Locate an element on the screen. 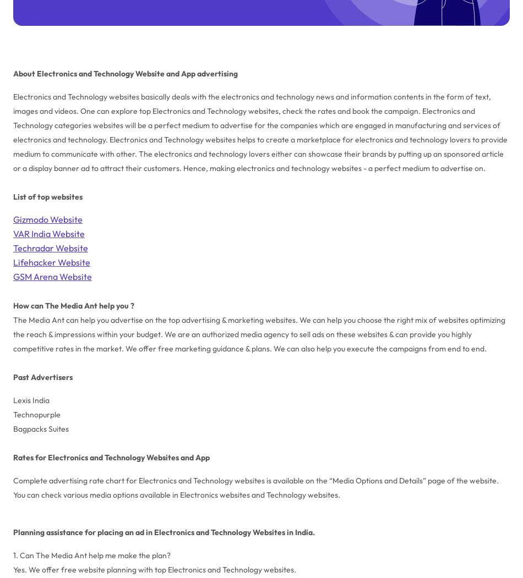 This screenshot has height=578, width=523. 'Techradar Website' is located at coordinates (50, 247).